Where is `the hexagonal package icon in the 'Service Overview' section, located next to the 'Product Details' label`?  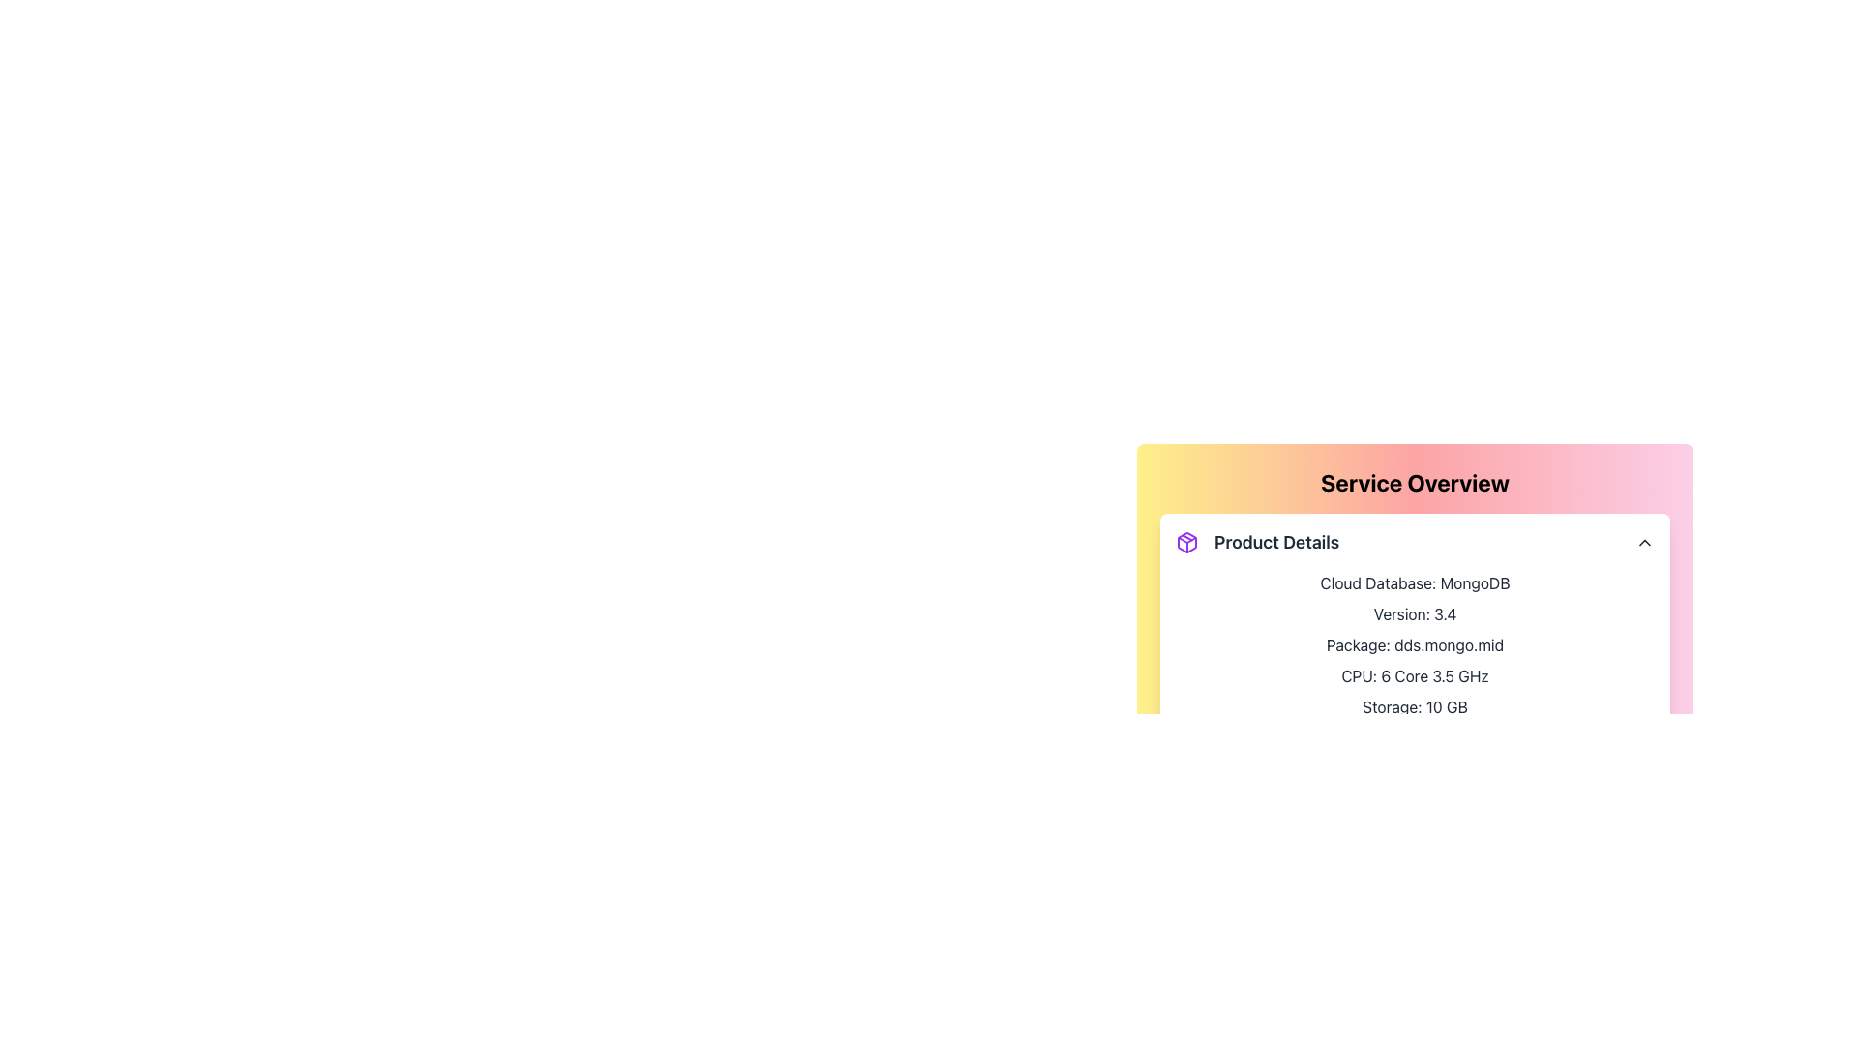
the hexagonal package icon in the 'Service Overview' section, located next to the 'Product Details' label is located at coordinates (1186, 542).